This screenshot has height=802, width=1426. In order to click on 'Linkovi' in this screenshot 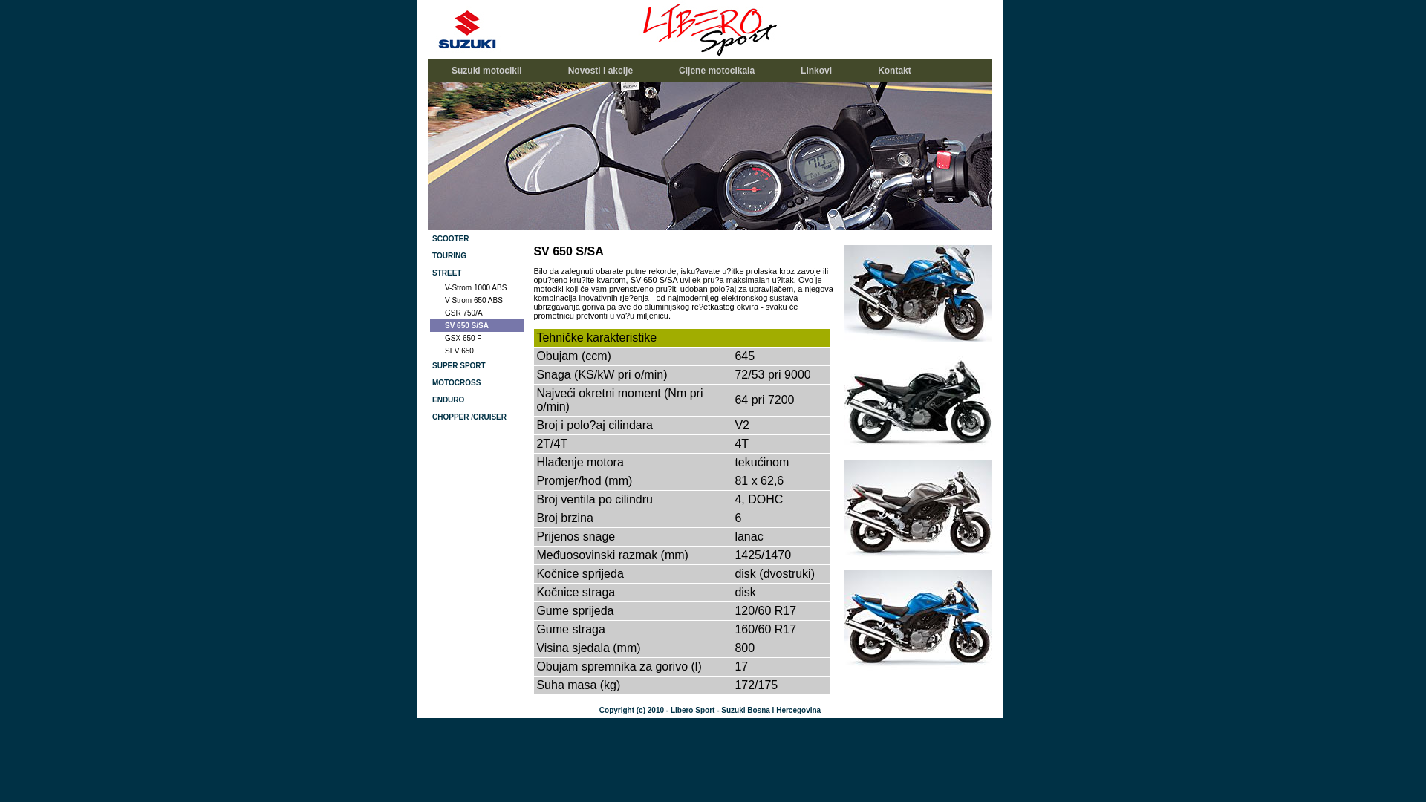, I will do `click(815, 71)`.